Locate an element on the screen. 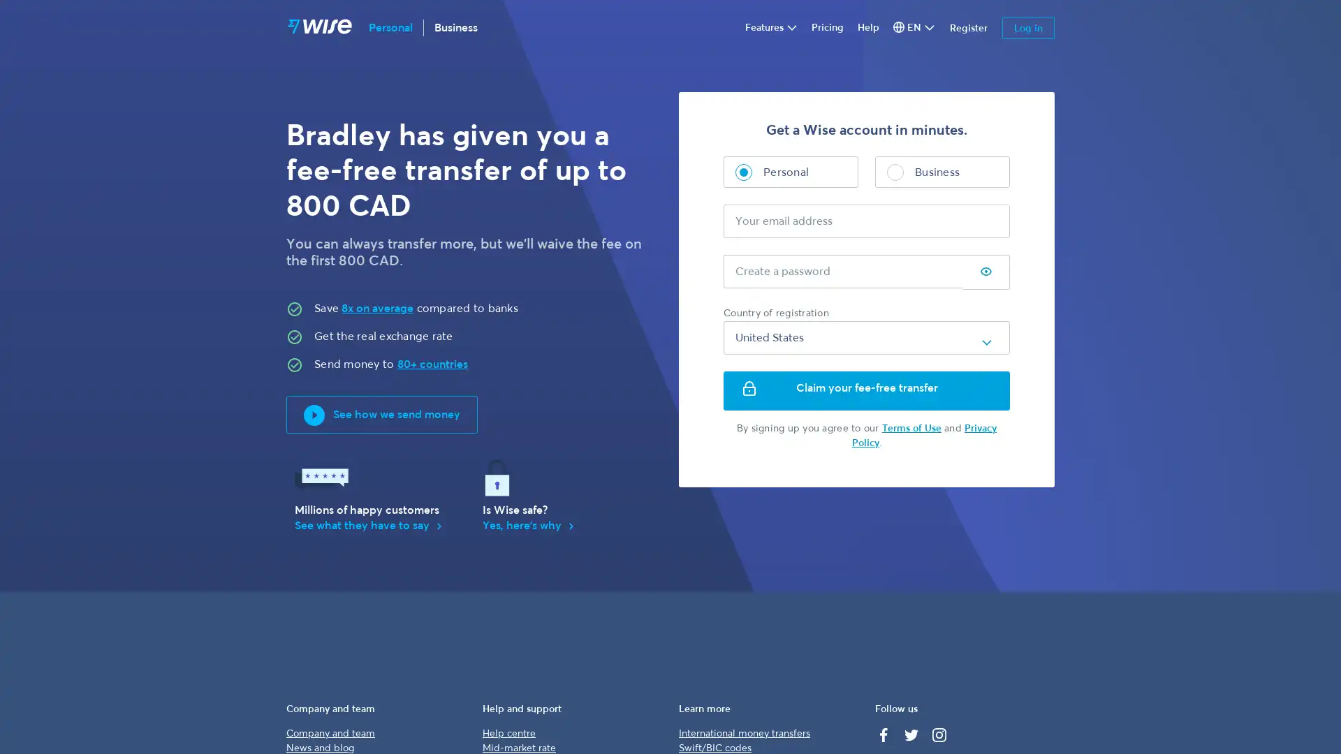 Image resolution: width=1341 pixels, height=754 pixels. See how we send money is located at coordinates (382, 414).